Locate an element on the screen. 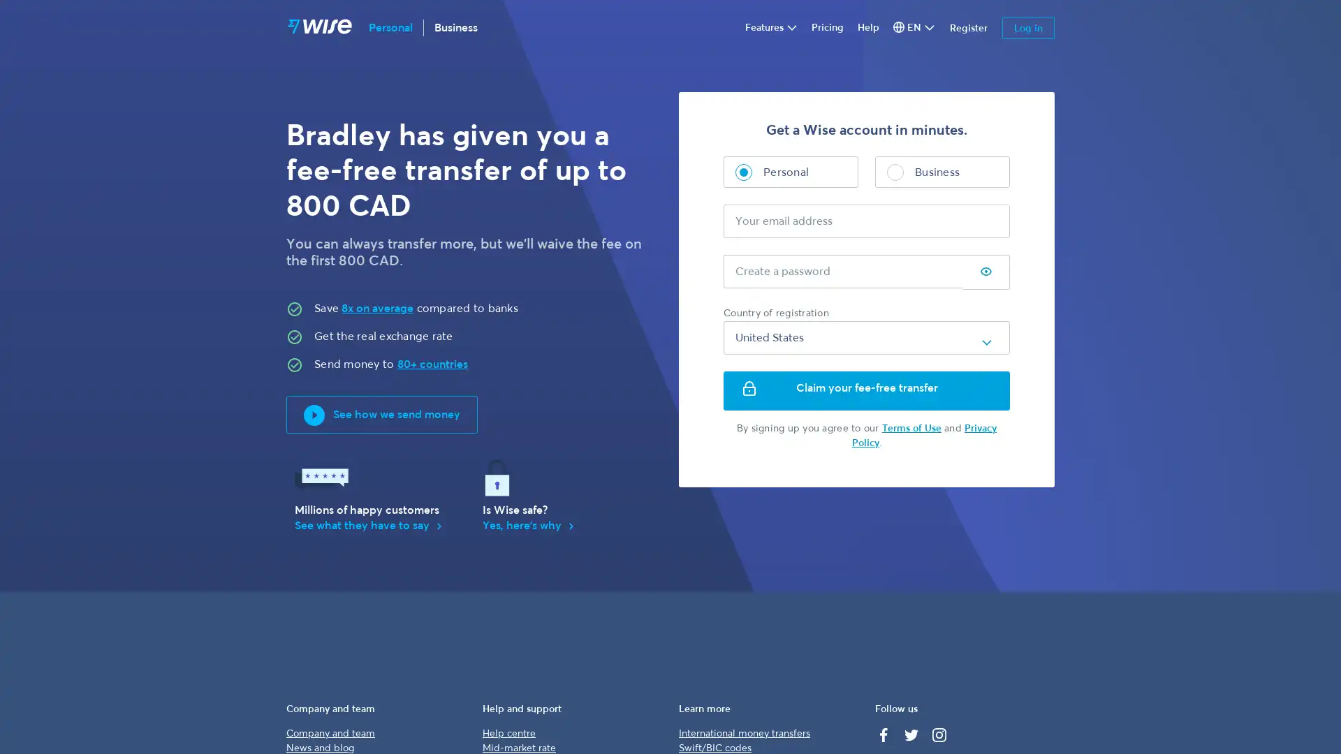 Image resolution: width=1341 pixels, height=754 pixels. See how we send money is located at coordinates (382, 414).